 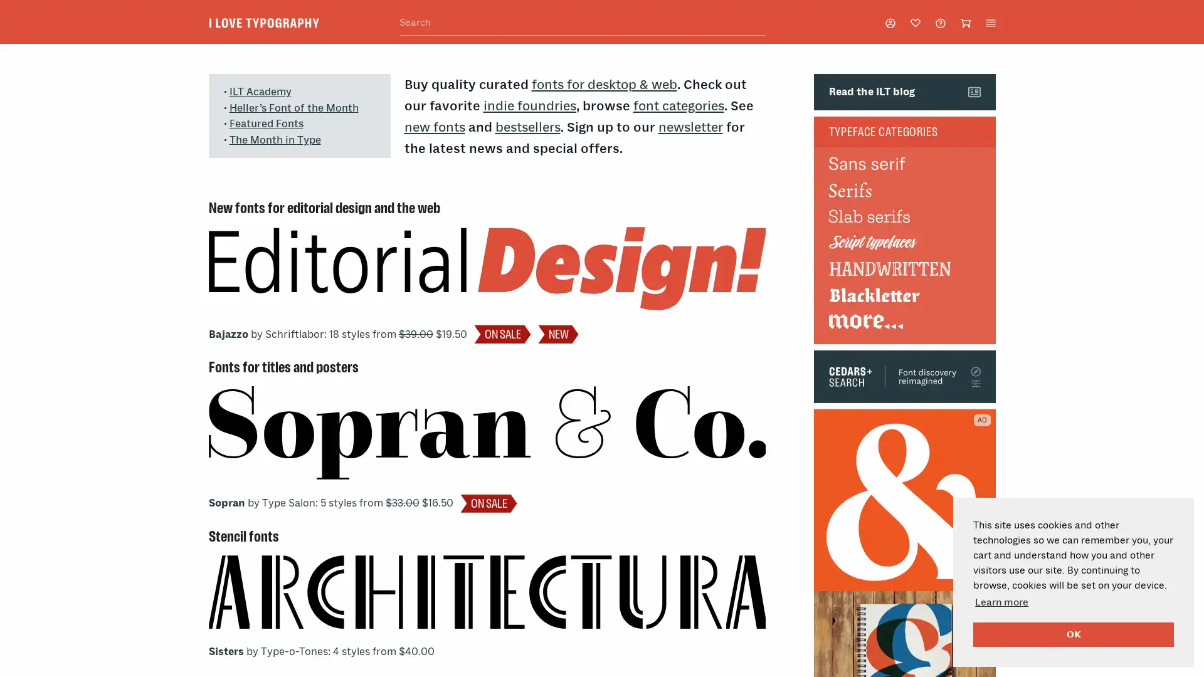 I want to click on learn more about cookies, so click(x=1001, y=601).